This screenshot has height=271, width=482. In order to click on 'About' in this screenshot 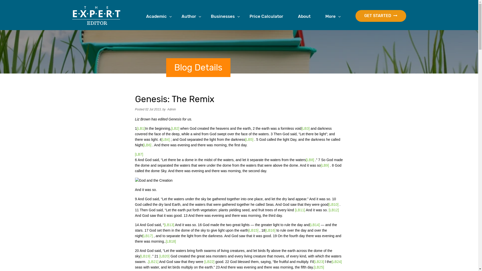, I will do `click(306, 16)`.